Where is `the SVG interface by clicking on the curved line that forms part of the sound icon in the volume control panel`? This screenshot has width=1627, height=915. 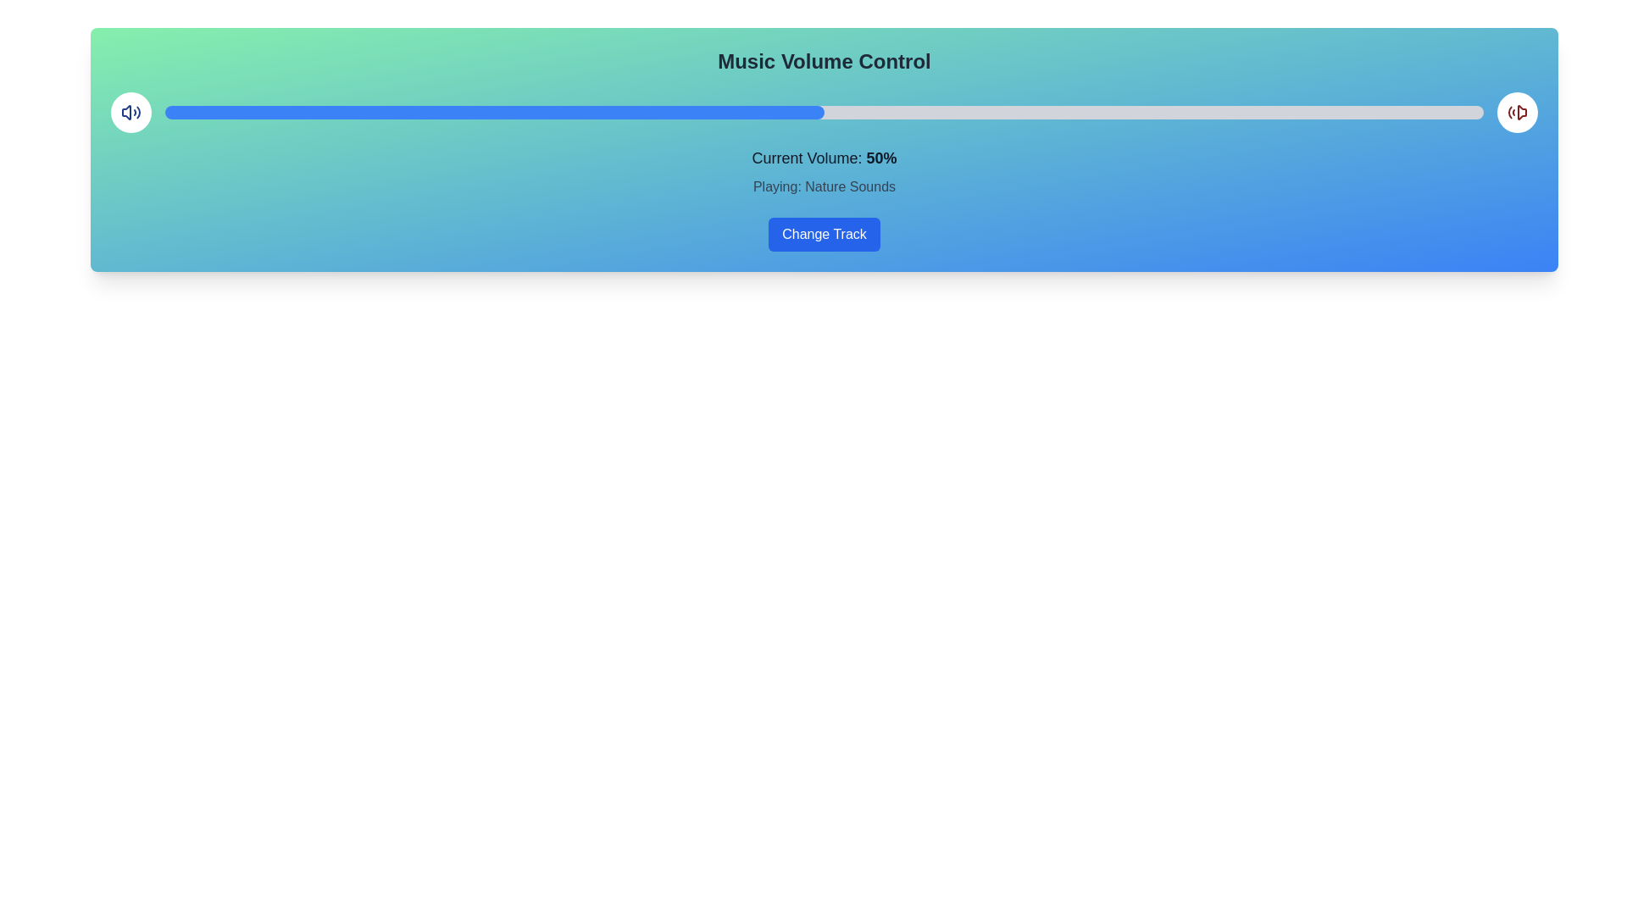
the SVG interface by clicking on the curved line that forms part of the sound icon in the volume control panel is located at coordinates (138, 112).